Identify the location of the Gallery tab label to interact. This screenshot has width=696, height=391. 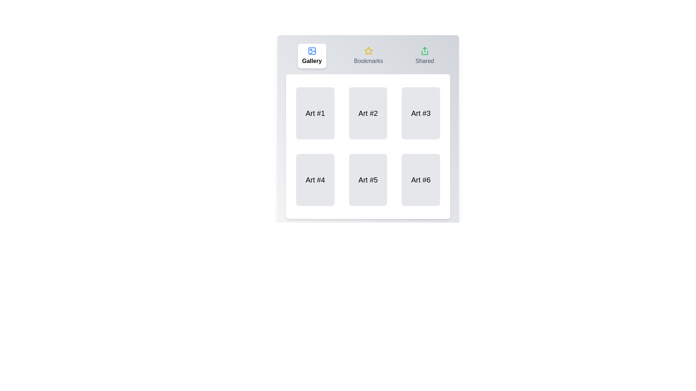
(312, 55).